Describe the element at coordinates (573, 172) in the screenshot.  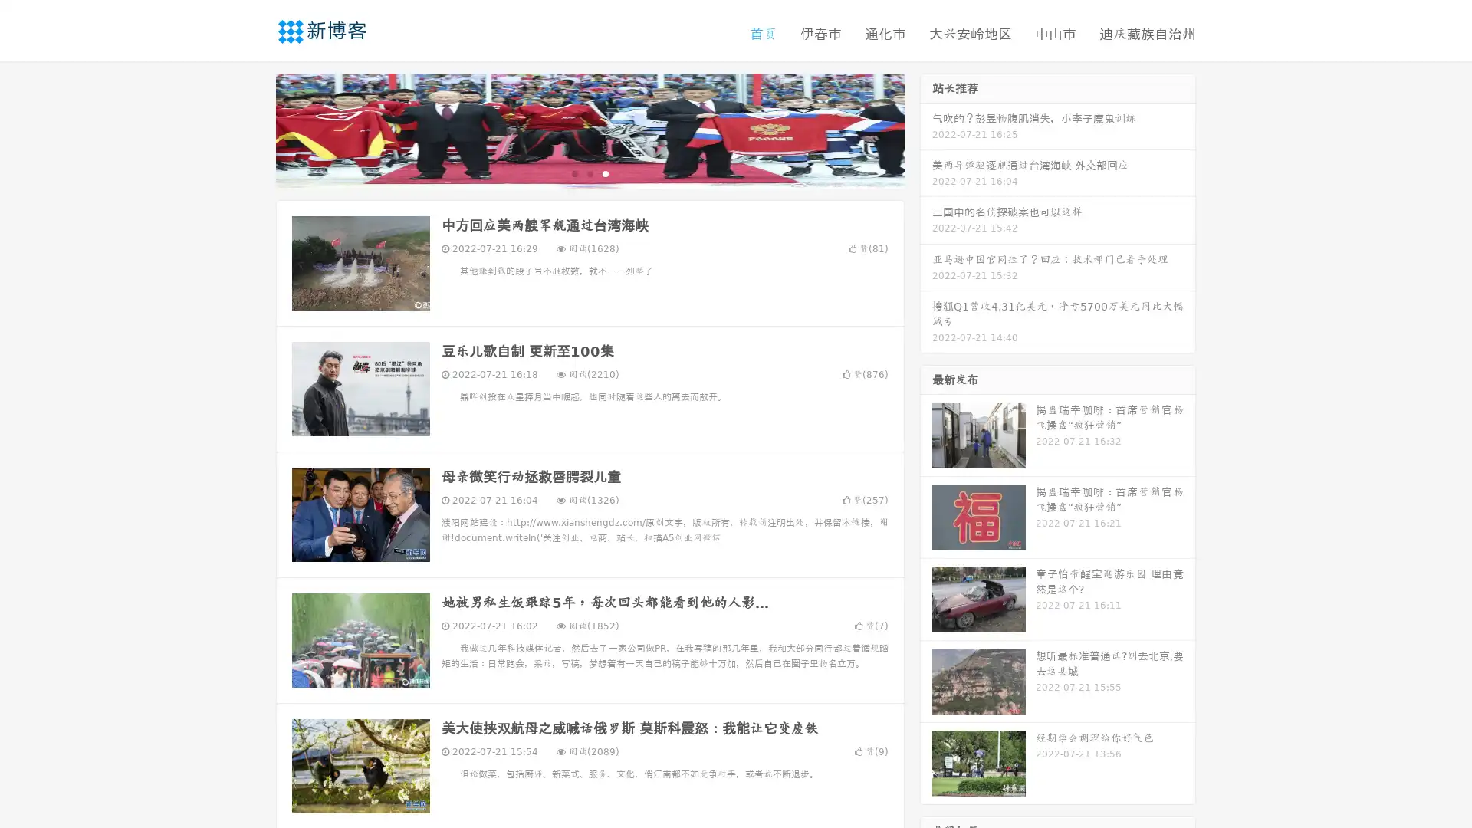
I see `Go to slide 1` at that location.